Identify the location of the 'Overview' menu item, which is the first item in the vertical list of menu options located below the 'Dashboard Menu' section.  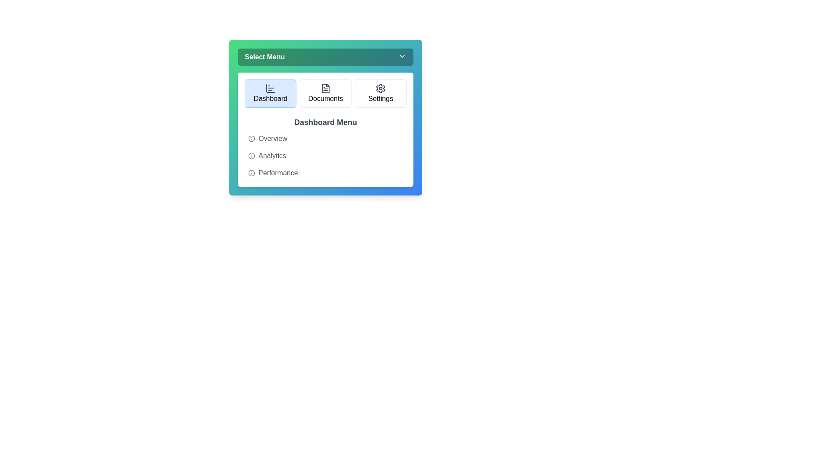
(325, 138).